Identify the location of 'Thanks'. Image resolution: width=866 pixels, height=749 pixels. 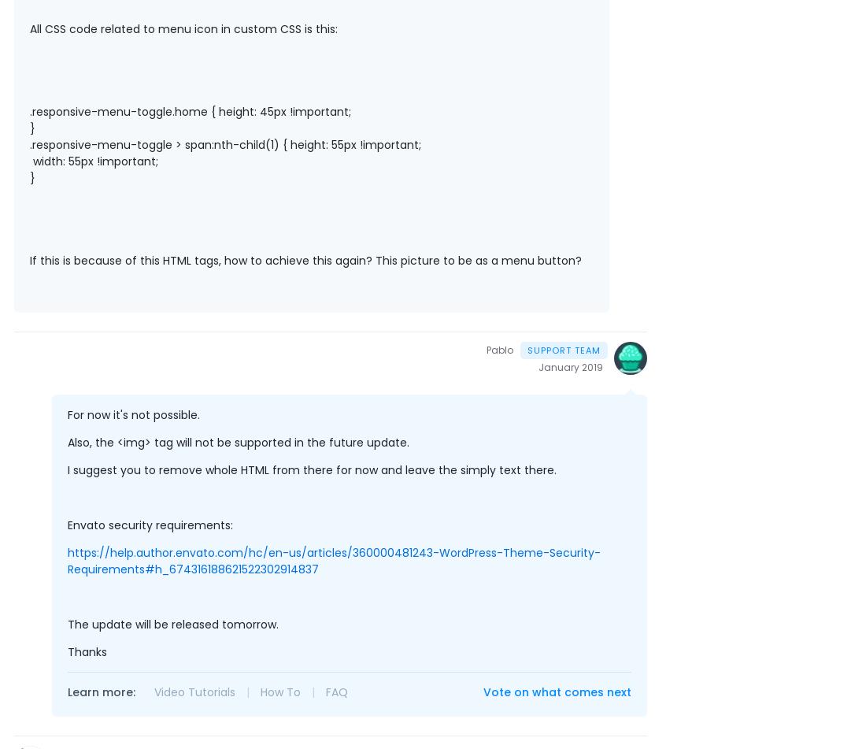
(87, 651).